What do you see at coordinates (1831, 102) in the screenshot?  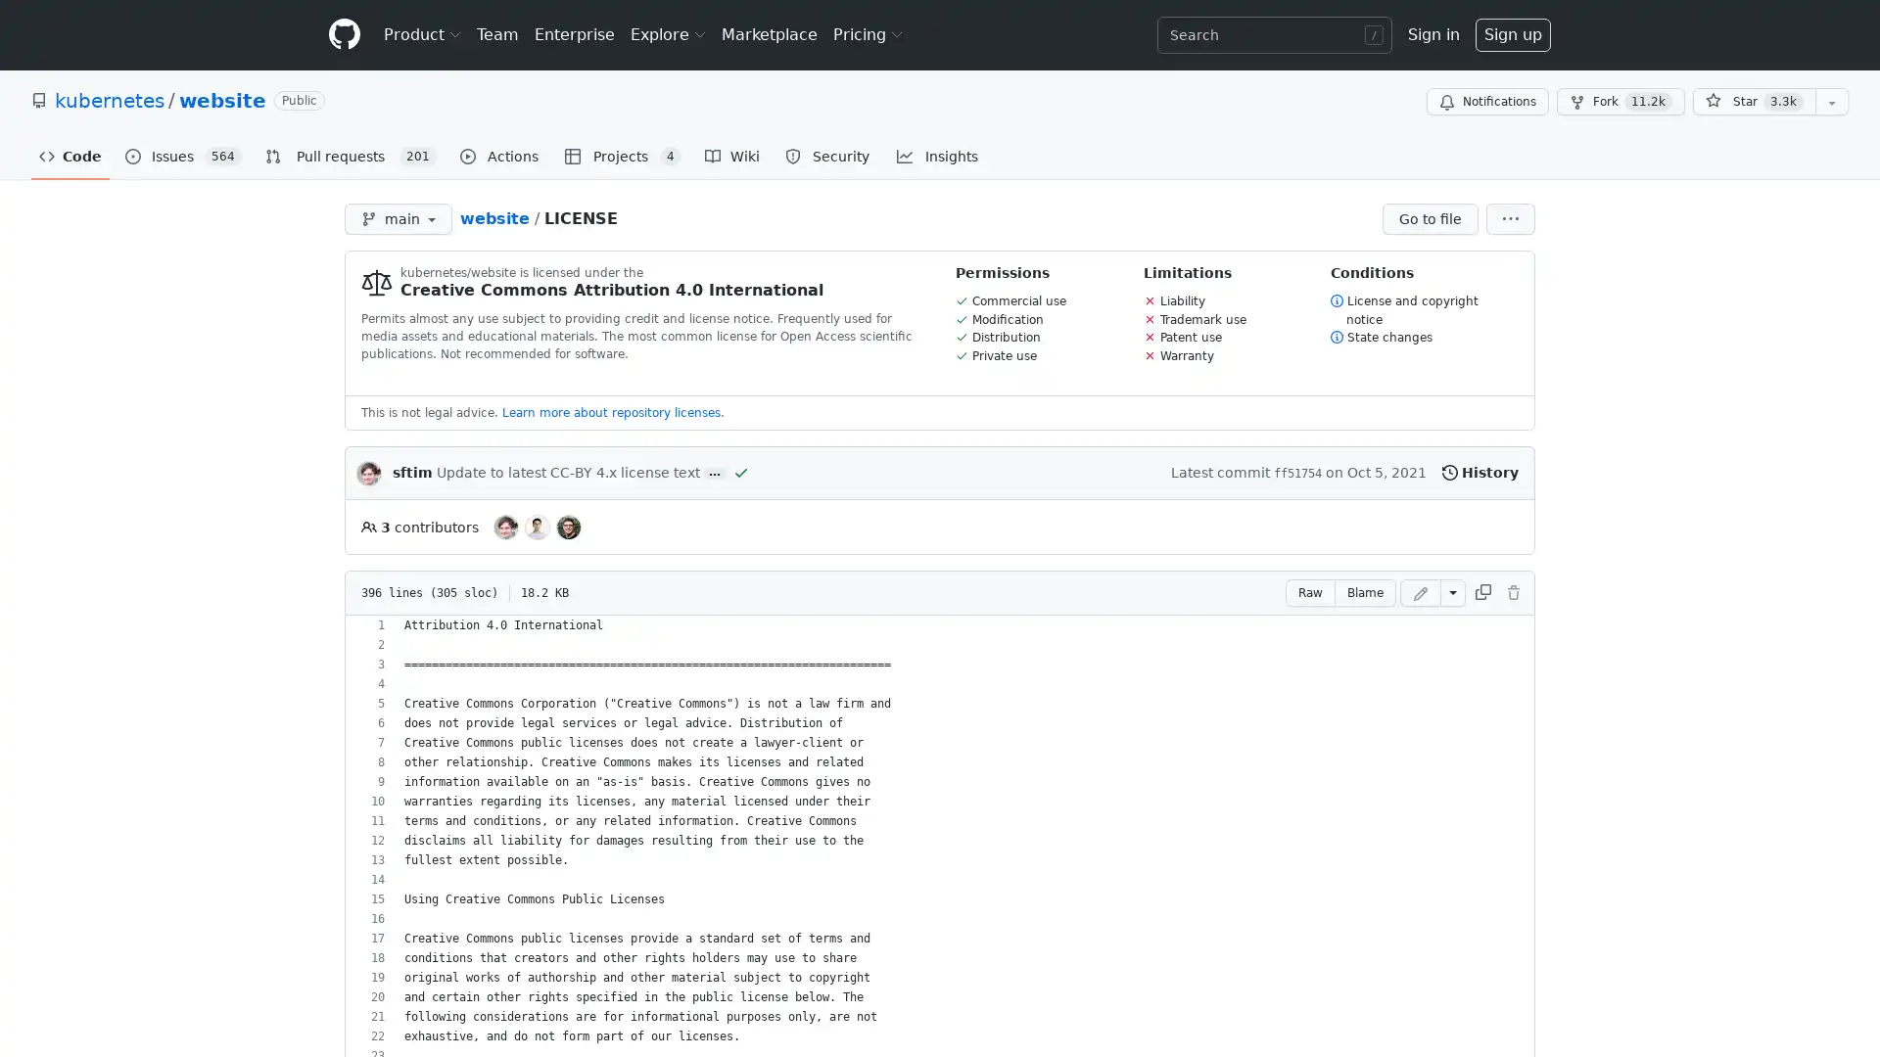 I see `You must be signed in to add this repository to a list` at bounding box center [1831, 102].